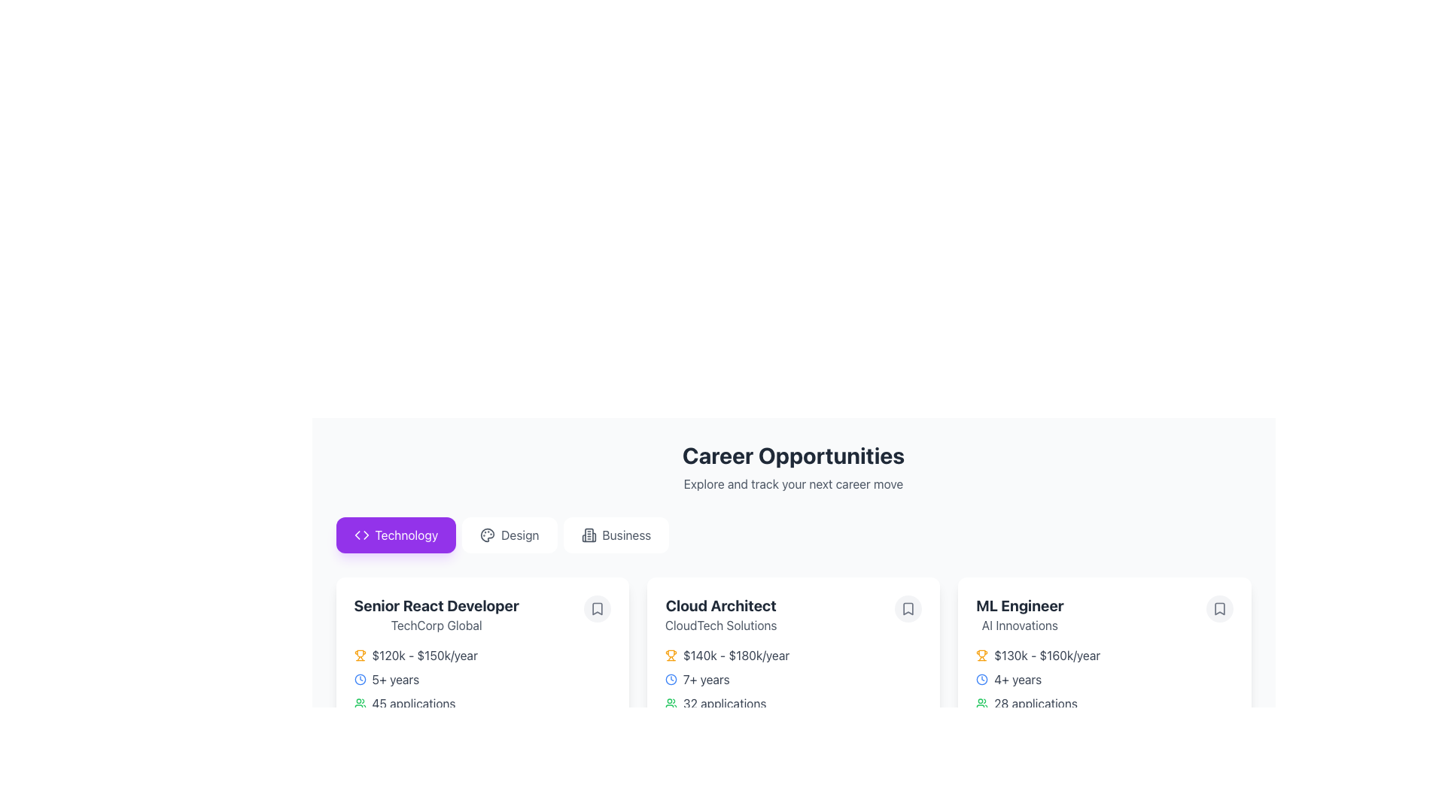 The height and width of the screenshot is (812, 1445). Describe the element at coordinates (626, 535) in the screenshot. I see `the 'Business' text label within the button component` at that location.